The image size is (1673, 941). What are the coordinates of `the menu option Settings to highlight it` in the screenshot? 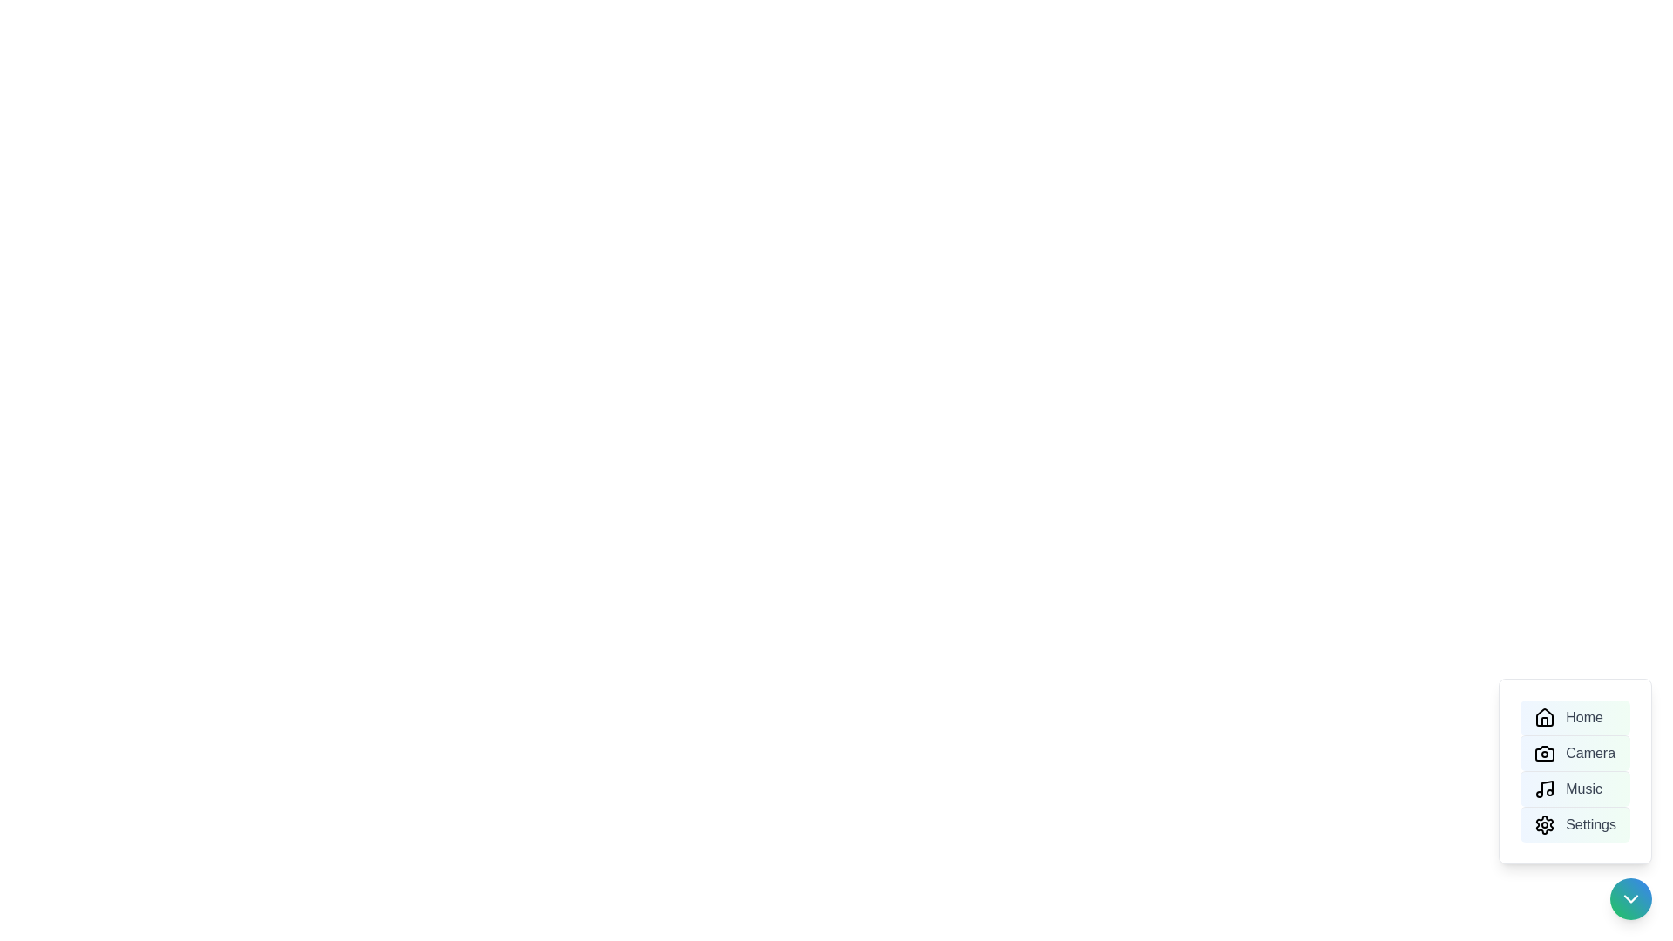 It's located at (1575, 823).